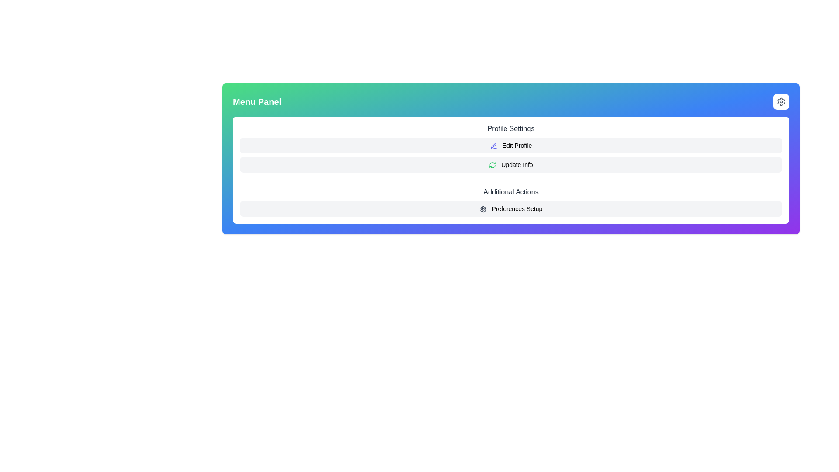  What do you see at coordinates (511, 165) in the screenshot?
I see `the 'Update Info' button located directly below the 'Edit Profile' button in the 'Profile Settings' section of the Menu Panel` at bounding box center [511, 165].